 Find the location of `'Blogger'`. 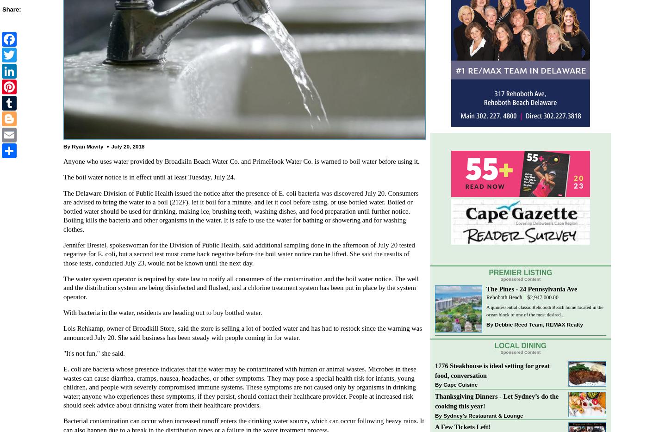

'Blogger' is located at coordinates (42, 117).